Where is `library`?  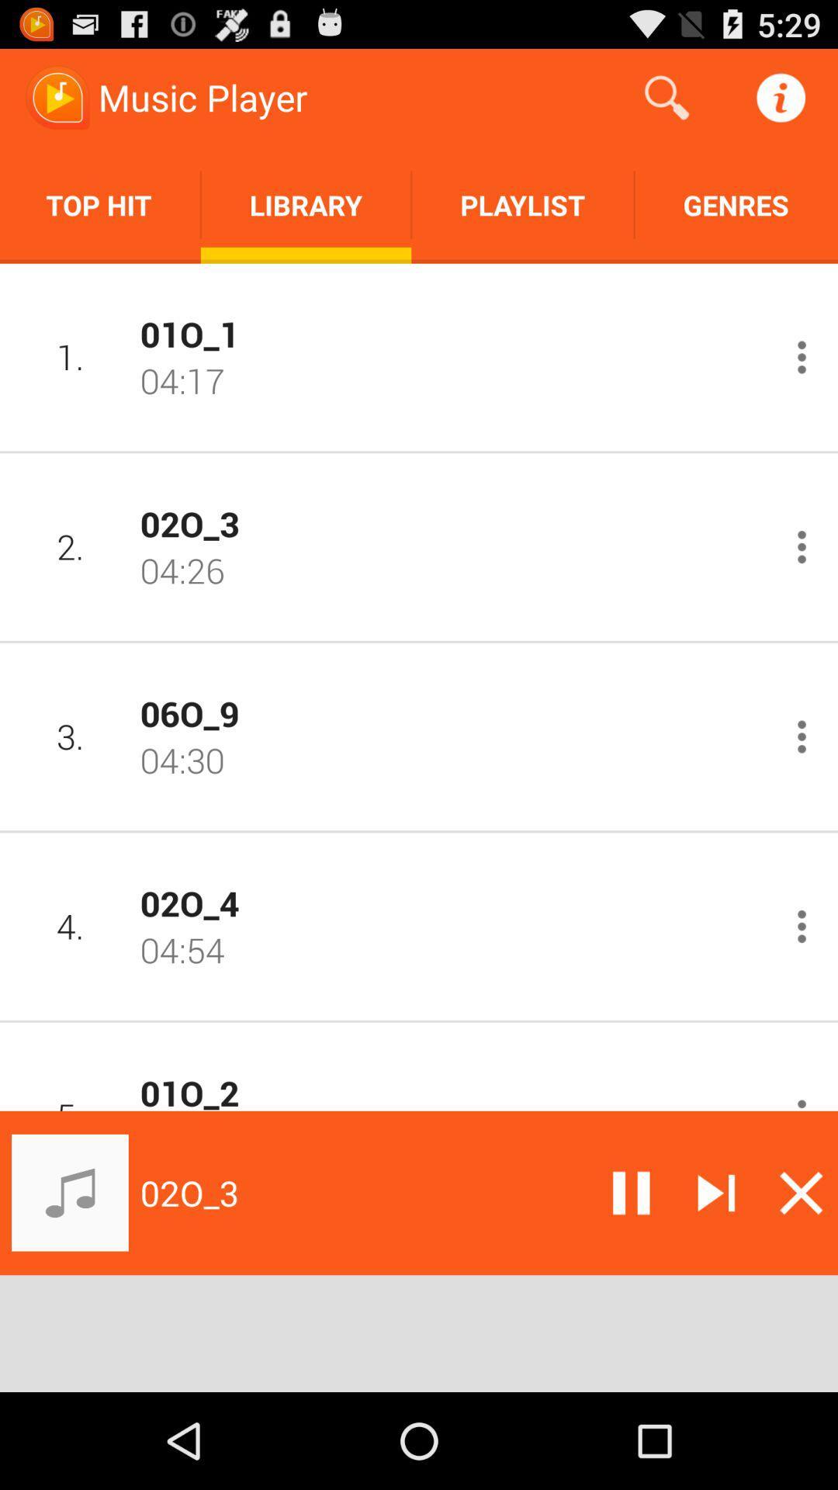
library is located at coordinates (306, 204).